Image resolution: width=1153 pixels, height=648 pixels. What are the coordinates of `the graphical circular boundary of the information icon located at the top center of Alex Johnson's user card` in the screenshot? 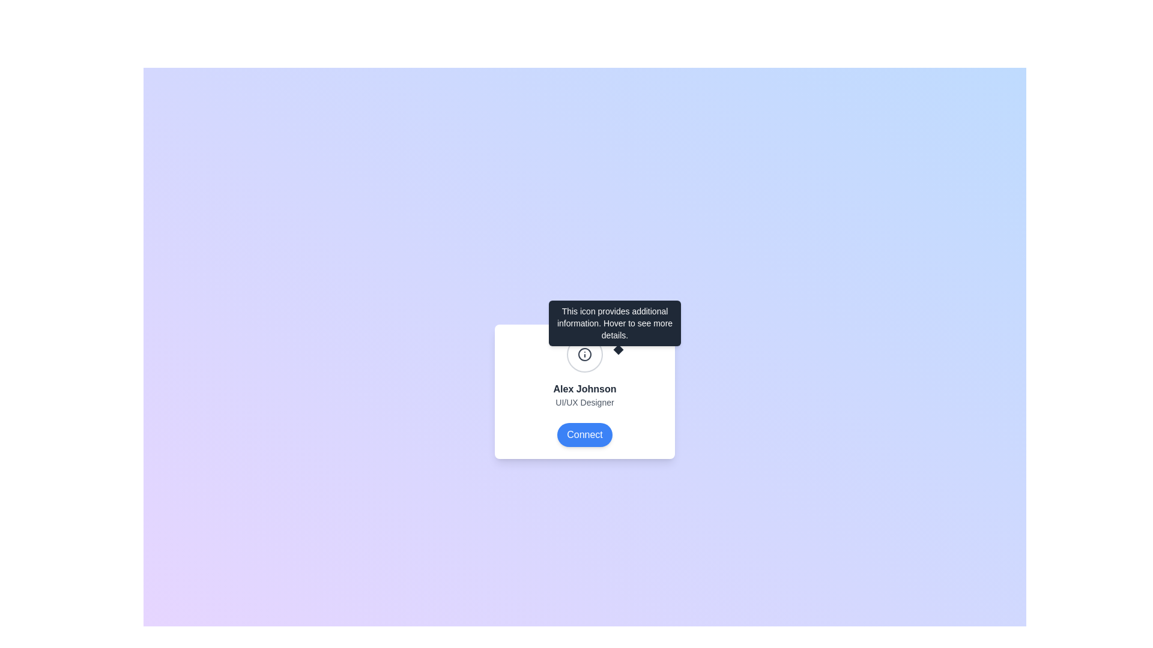 It's located at (585, 353).